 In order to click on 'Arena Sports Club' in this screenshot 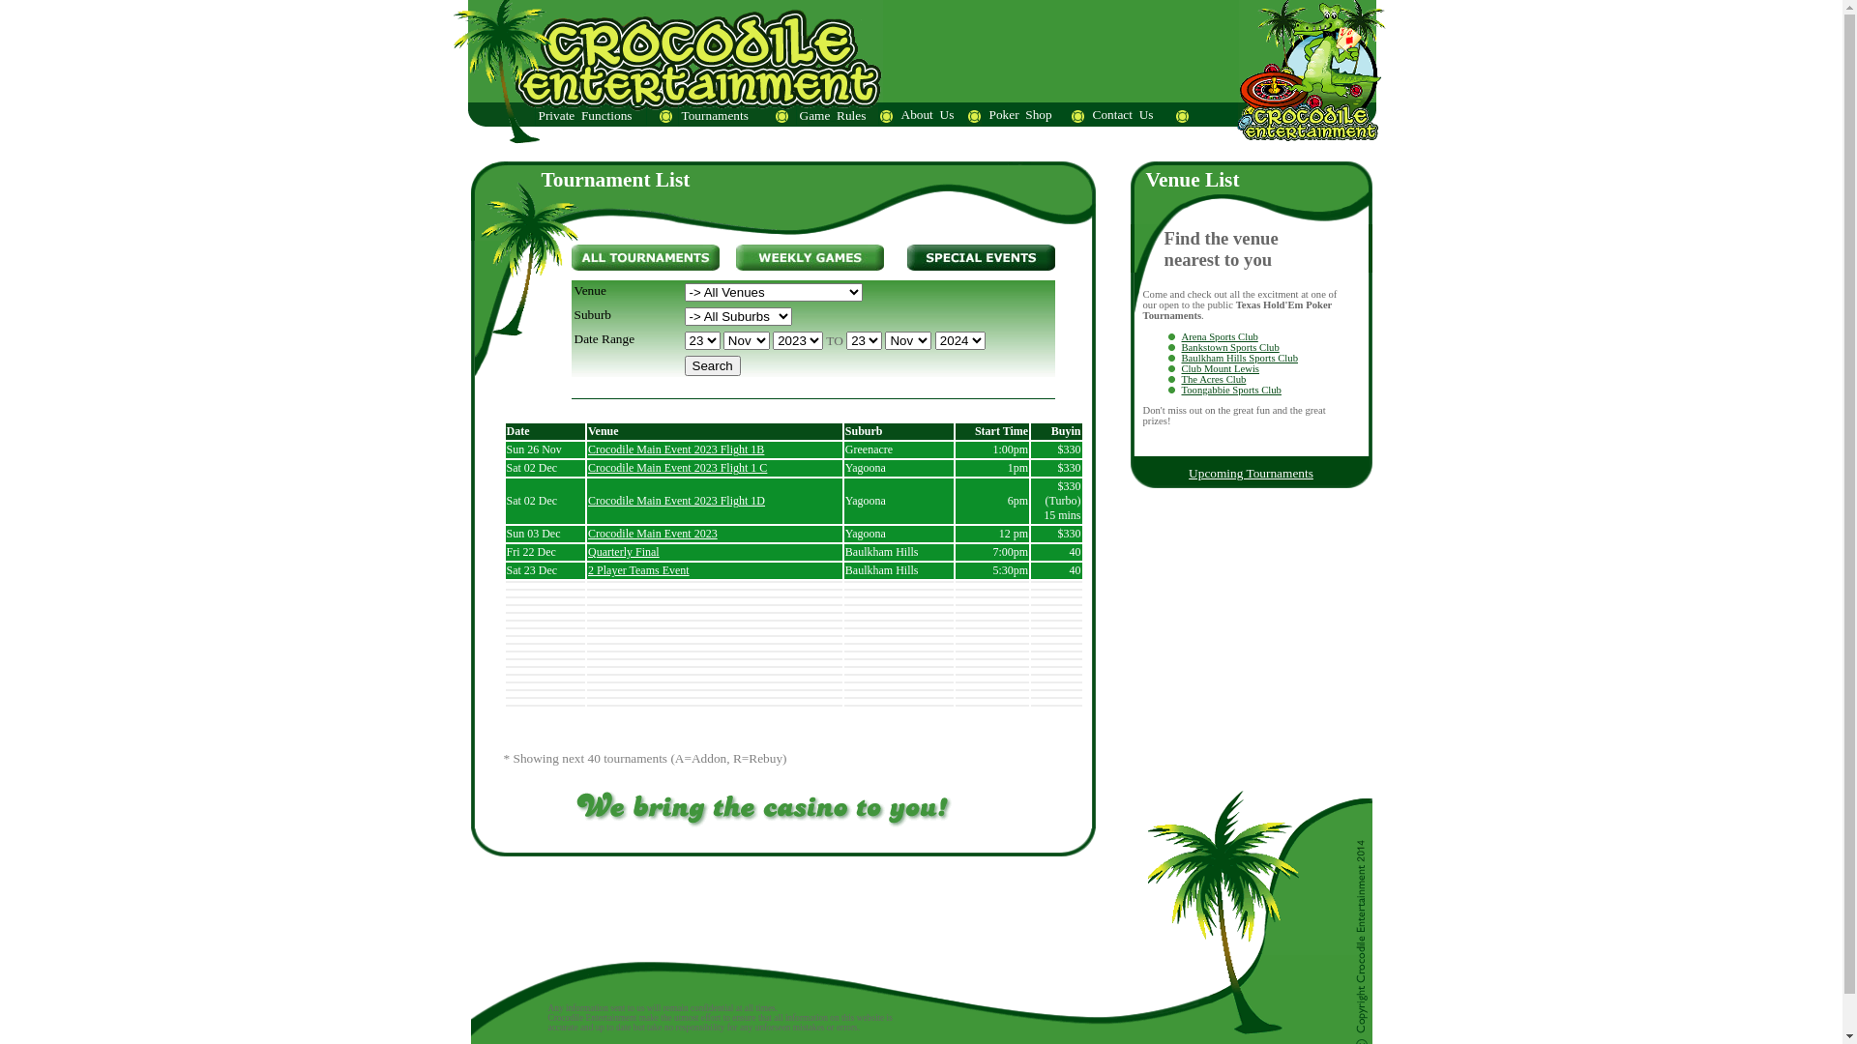, I will do `click(1219, 335)`.